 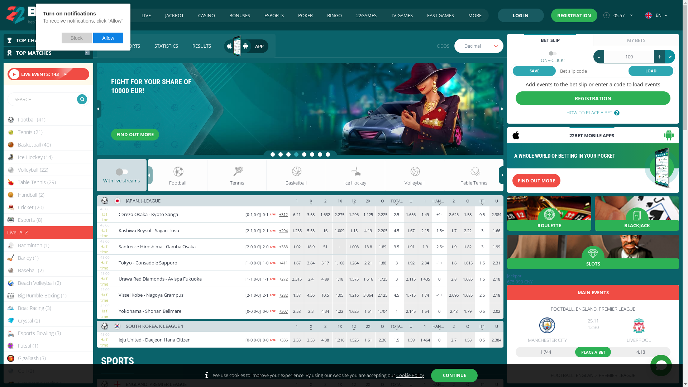 I want to click on 'Handball, so click(x=48, y=195).